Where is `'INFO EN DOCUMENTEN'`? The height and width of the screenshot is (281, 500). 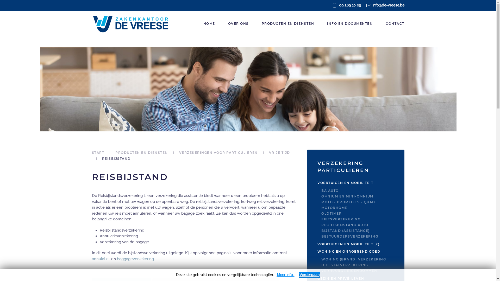 'INFO EN DOCUMENTEN' is located at coordinates (350, 24).